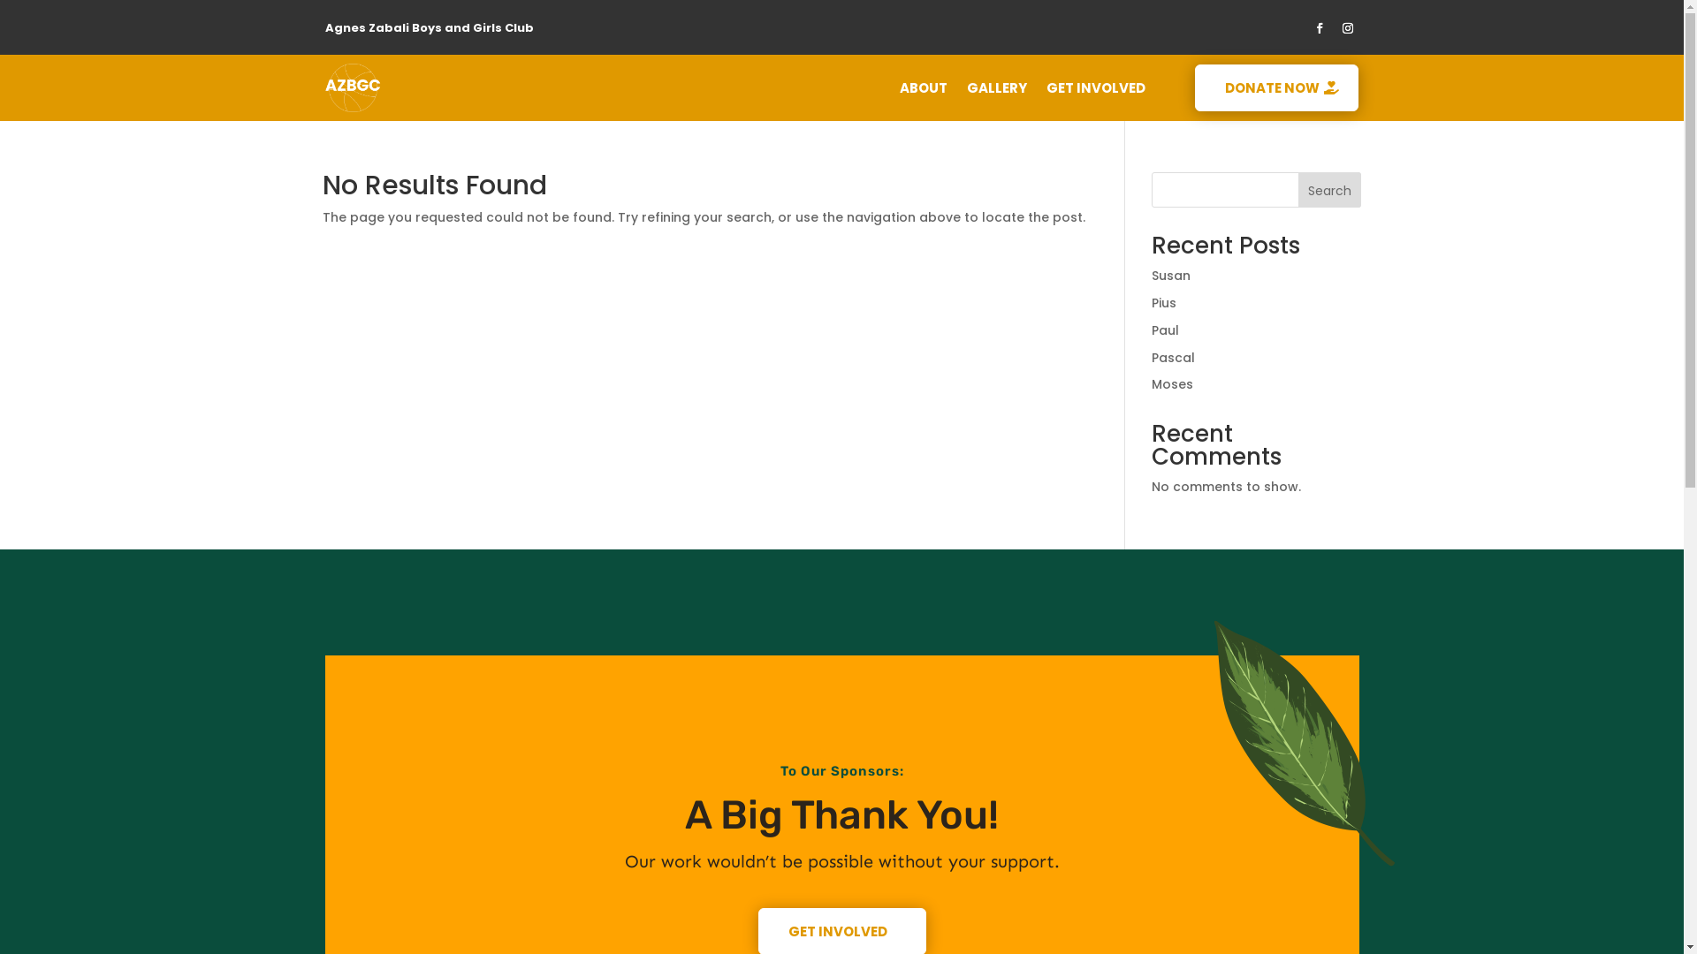 The height and width of the screenshot is (954, 1697). What do you see at coordinates (1151, 330) in the screenshot?
I see `'Paul'` at bounding box center [1151, 330].